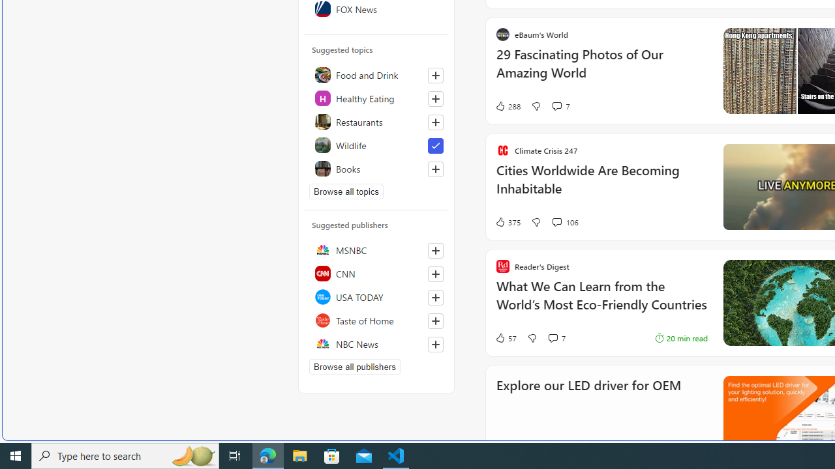  Describe the element at coordinates (507, 221) in the screenshot. I see `'375 Like'` at that location.